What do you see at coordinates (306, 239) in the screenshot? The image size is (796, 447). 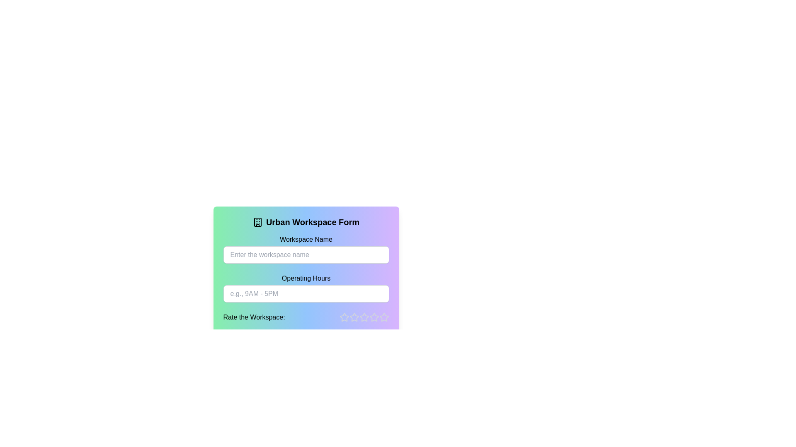 I see `the label that describes the adjacent input field for entering the name of a workspace, located under the title 'Urban Workspace Form'` at bounding box center [306, 239].